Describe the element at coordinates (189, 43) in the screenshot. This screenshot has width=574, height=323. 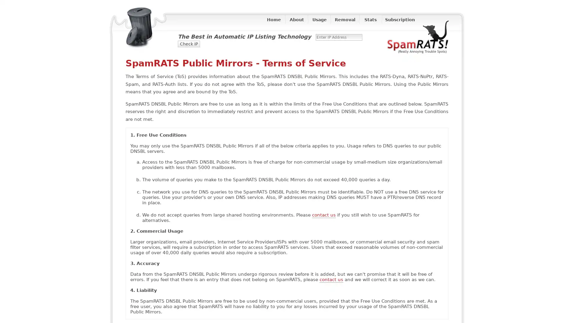
I see `Check IP` at that location.